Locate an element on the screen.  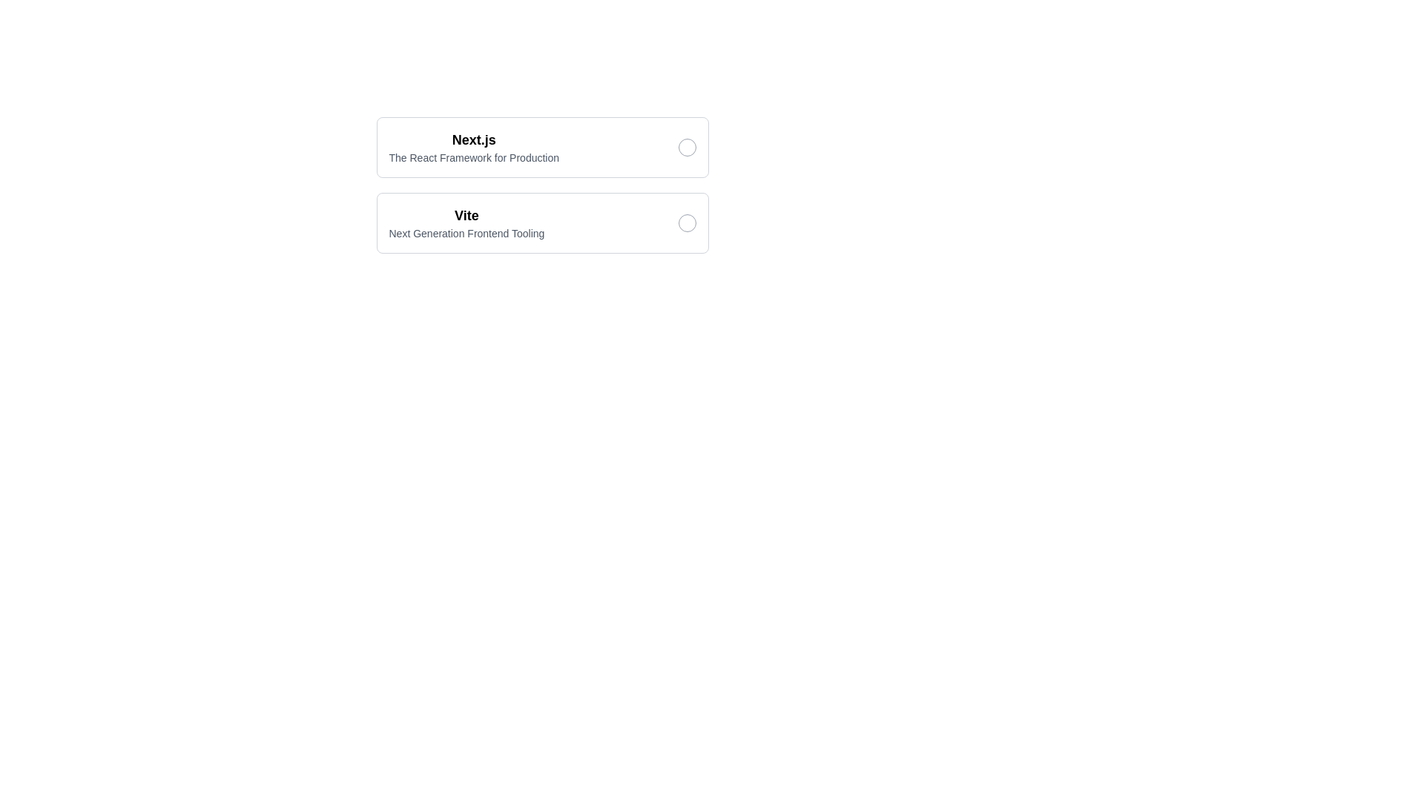
to select the 'Next.js' selection item, which is the first element in a vertical list of selection items, featuring a bold title and a circular icon on the right is located at coordinates (541, 148).